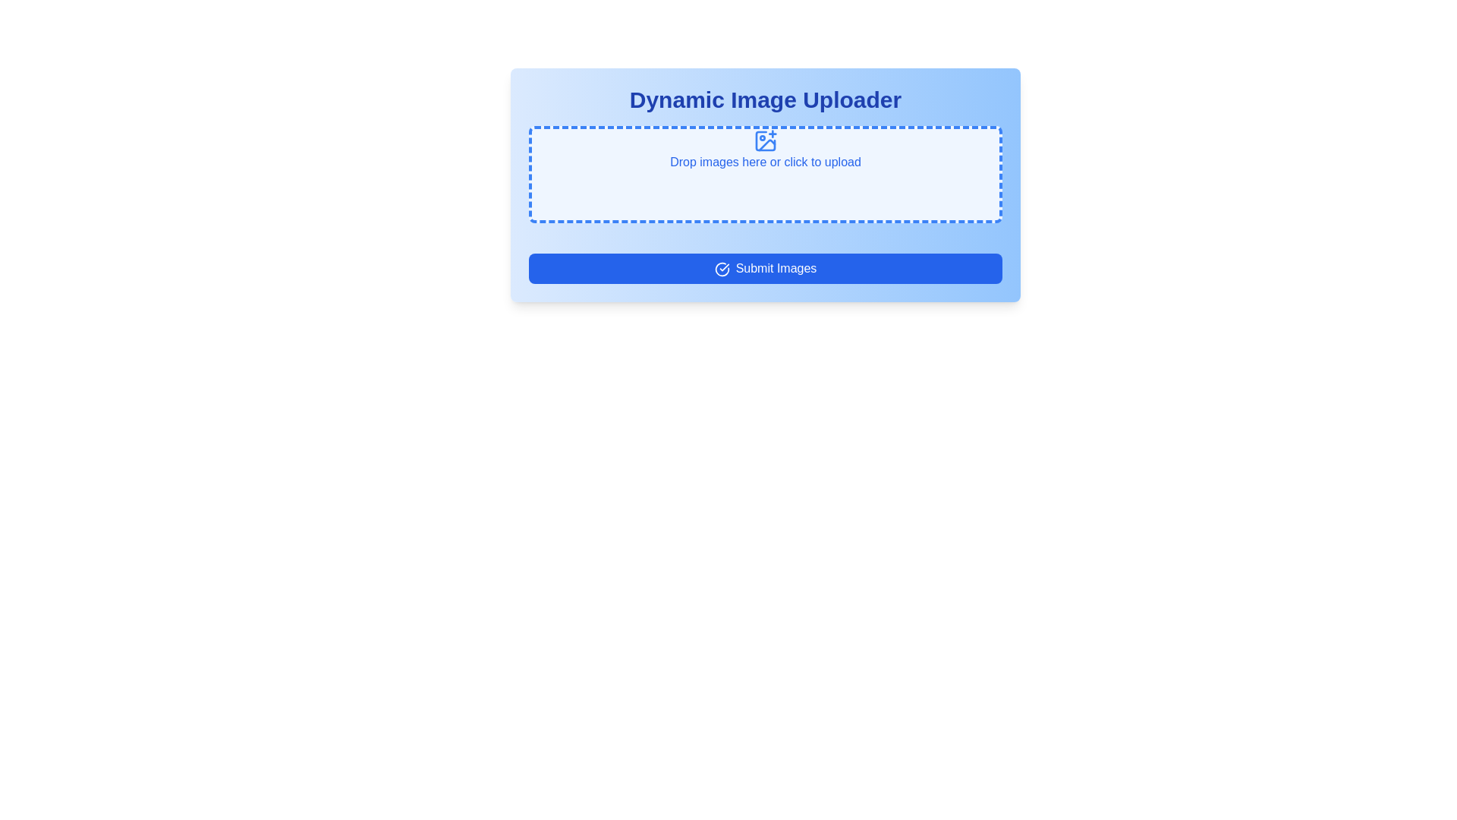 This screenshot has width=1457, height=820. Describe the element at coordinates (765, 162) in the screenshot. I see `the blue-dashed rectangular area below the image-plus icon and above the 'Submit Images' button to initiate a file upload` at that location.